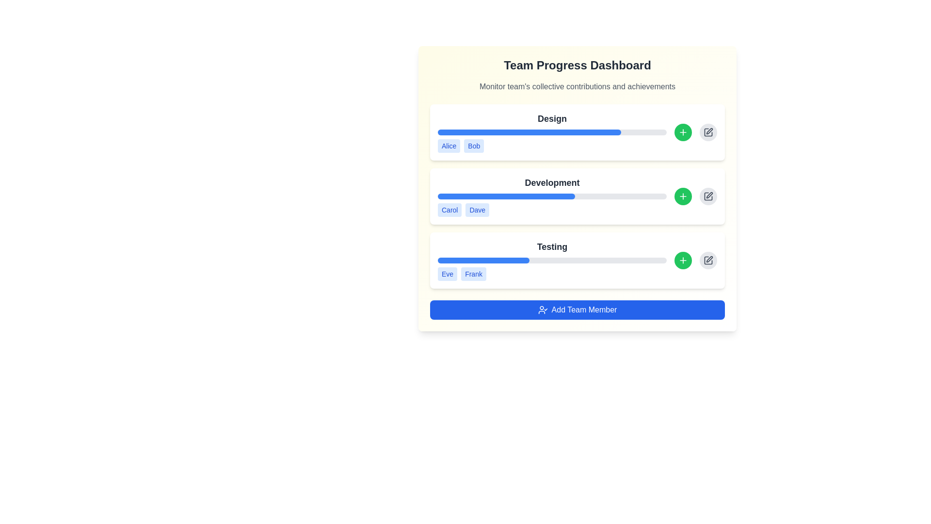 The width and height of the screenshot is (931, 524). What do you see at coordinates (552, 260) in the screenshot?
I see `details of the Progress Display Section, which includes the title 'Testing', a progress bar, and the labels 'Eve' and 'Frank'` at bounding box center [552, 260].